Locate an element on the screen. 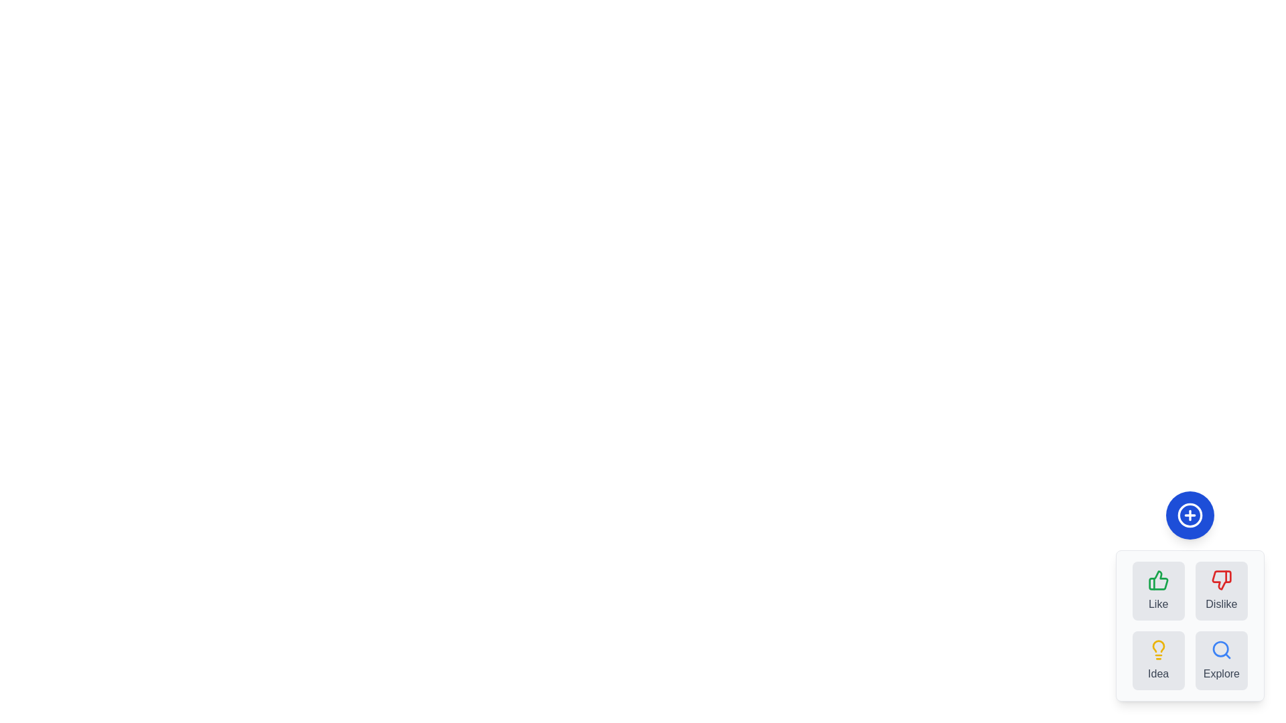 Image resolution: width=1286 pixels, height=723 pixels. the feedback option Like is located at coordinates (1157, 590).